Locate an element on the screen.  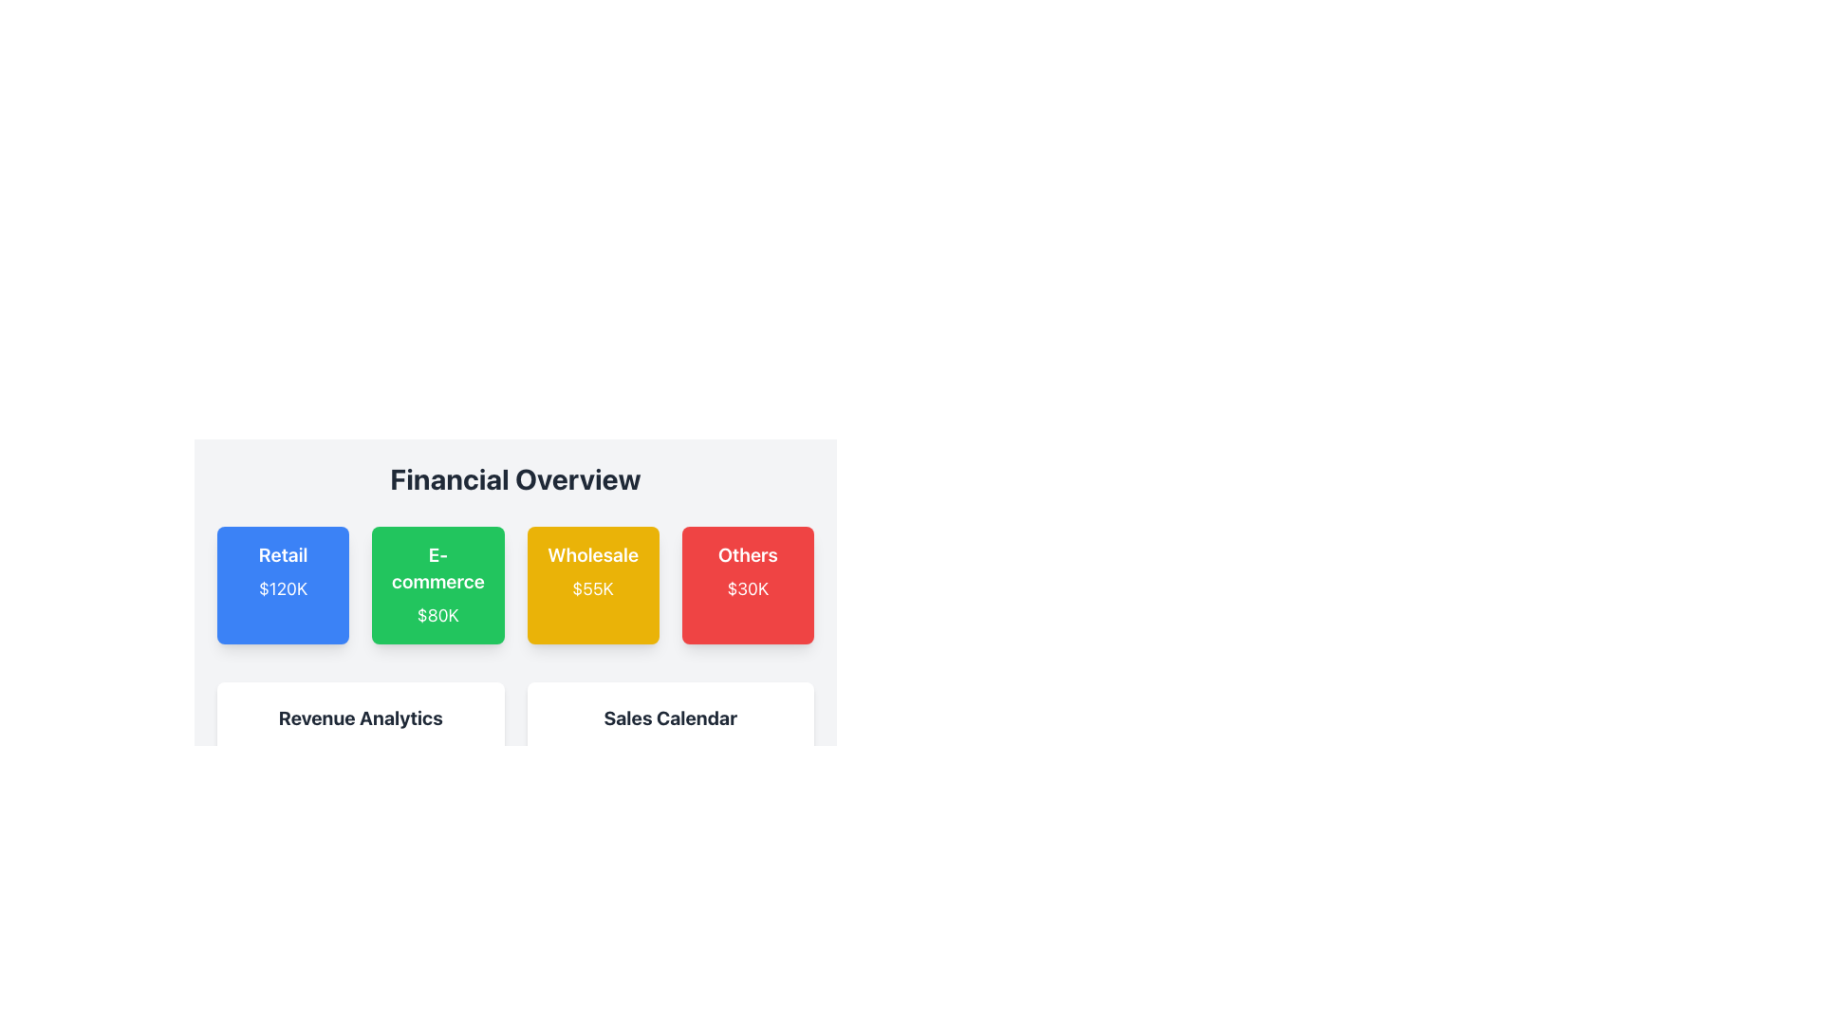
the Card component labeled 'Revenue Analytics' which is a white rectangular card with rounded corners, located within the 'Revenue Analytics Sales Calendar' grid is located at coordinates (361, 772).